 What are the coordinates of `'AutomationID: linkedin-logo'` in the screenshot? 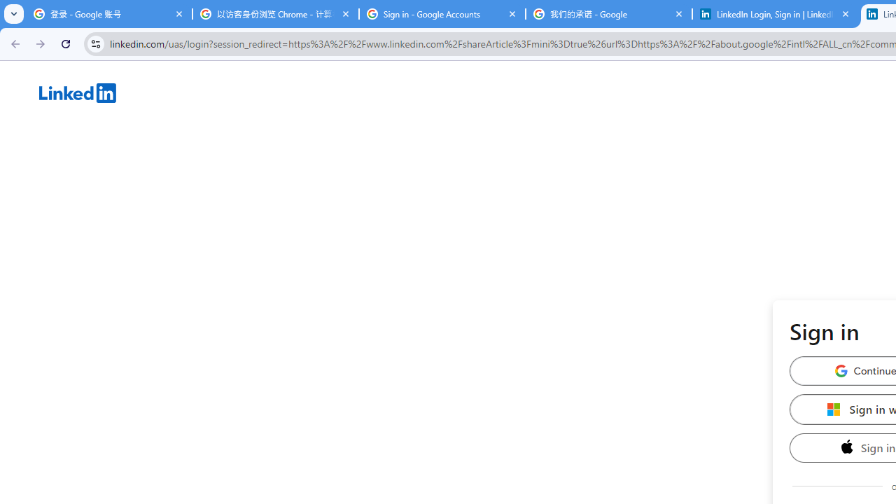 It's located at (77, 92).